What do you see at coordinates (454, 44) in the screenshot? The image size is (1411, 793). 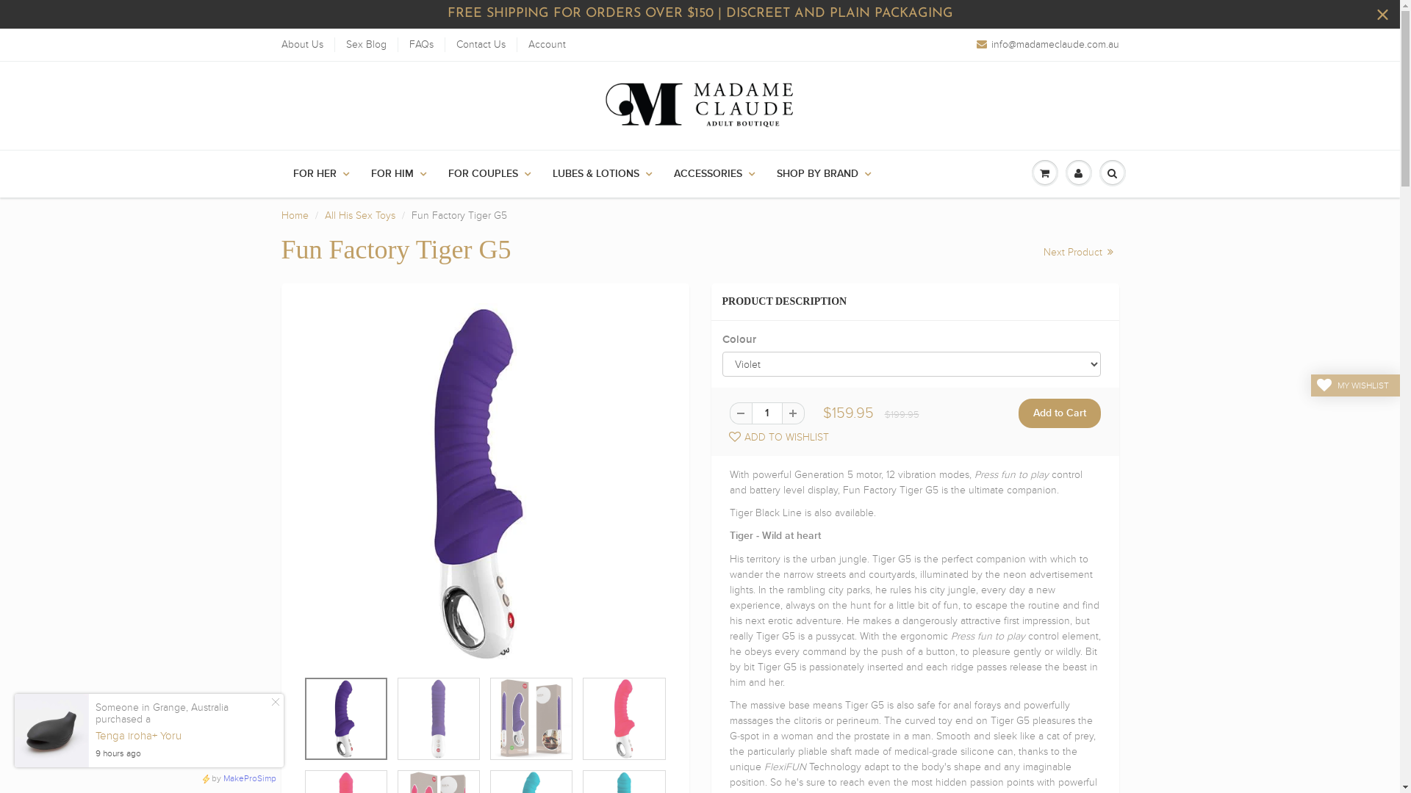 I see `'Contact Us'` at bounding box center [454, 44].